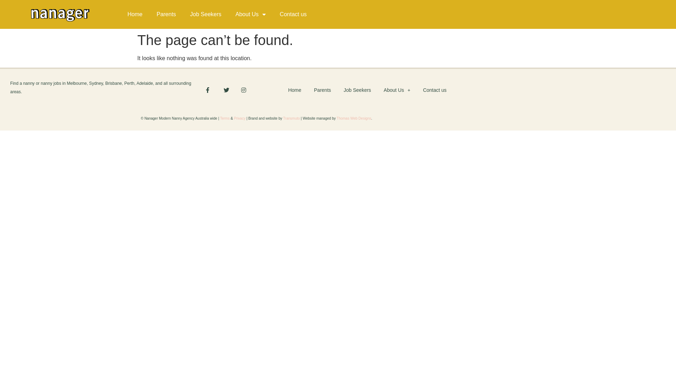  Describe the element at coordinates (250, 14) in the screenshot. I see `'About Us'` at that location.